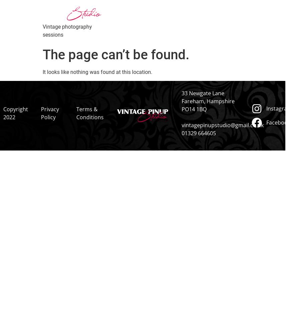 The width and height of the screenshot is (292, 333). What do you see at coordinates (116, 54) in the screenshot?
I see `'The page can’t be found.'` at bounding box center [116, 54].